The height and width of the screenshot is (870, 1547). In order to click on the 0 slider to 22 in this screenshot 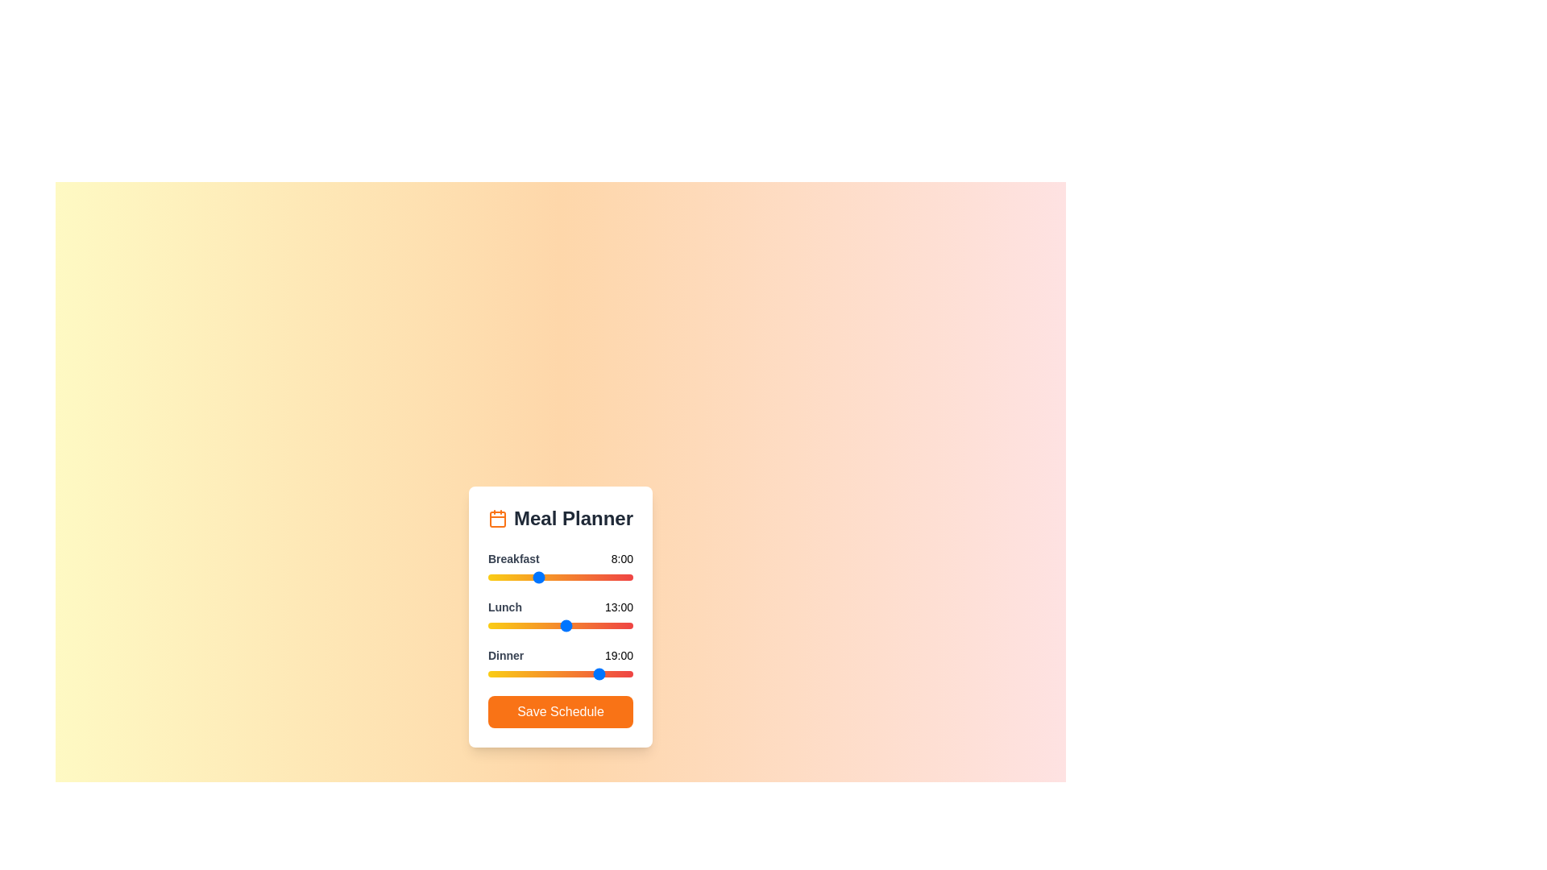, I will do `click(620, 577)`.